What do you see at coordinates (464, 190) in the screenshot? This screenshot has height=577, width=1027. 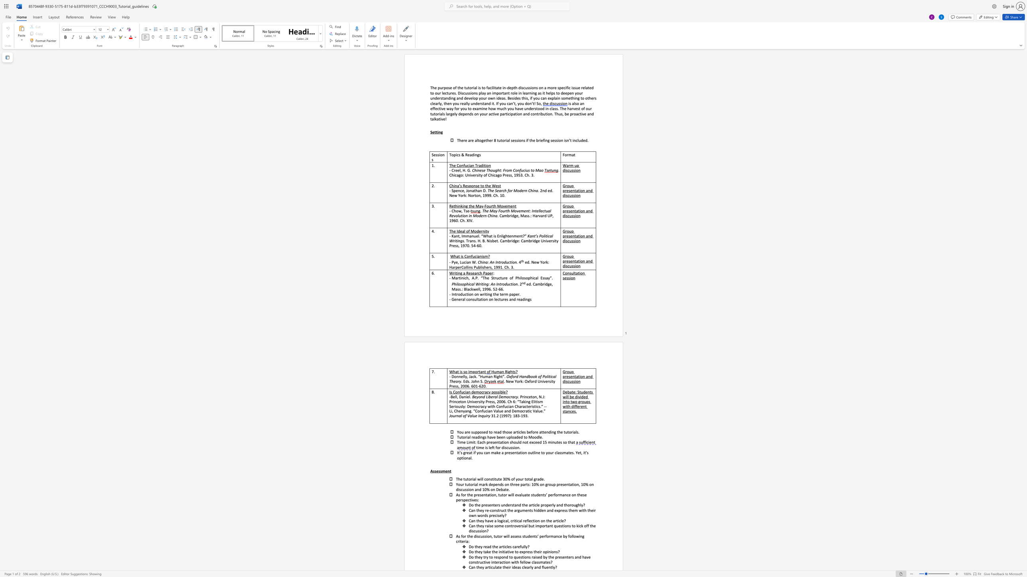 I see `the subset text ", Jo" within the text "- Spence, Jonathan D."` at bounding box center [464, 190].